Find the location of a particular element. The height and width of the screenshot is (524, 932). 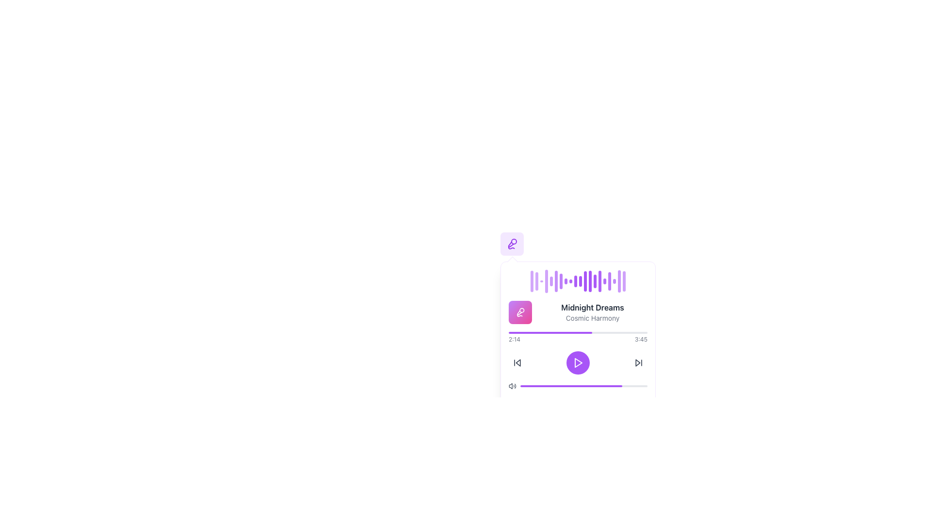

the static animated visual bar that visually represents a part of an animated waveform, positioned centrally above the text 'Midnight Dreams' is located at coordinates (609, 281).